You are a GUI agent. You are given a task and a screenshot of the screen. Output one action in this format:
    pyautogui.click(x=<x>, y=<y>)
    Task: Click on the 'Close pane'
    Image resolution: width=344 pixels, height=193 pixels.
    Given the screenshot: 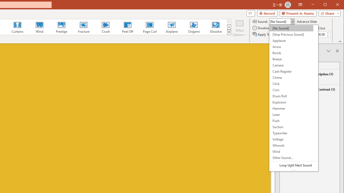 What is the action you would take?
    pyautogui.click(x=337, y=51)
    